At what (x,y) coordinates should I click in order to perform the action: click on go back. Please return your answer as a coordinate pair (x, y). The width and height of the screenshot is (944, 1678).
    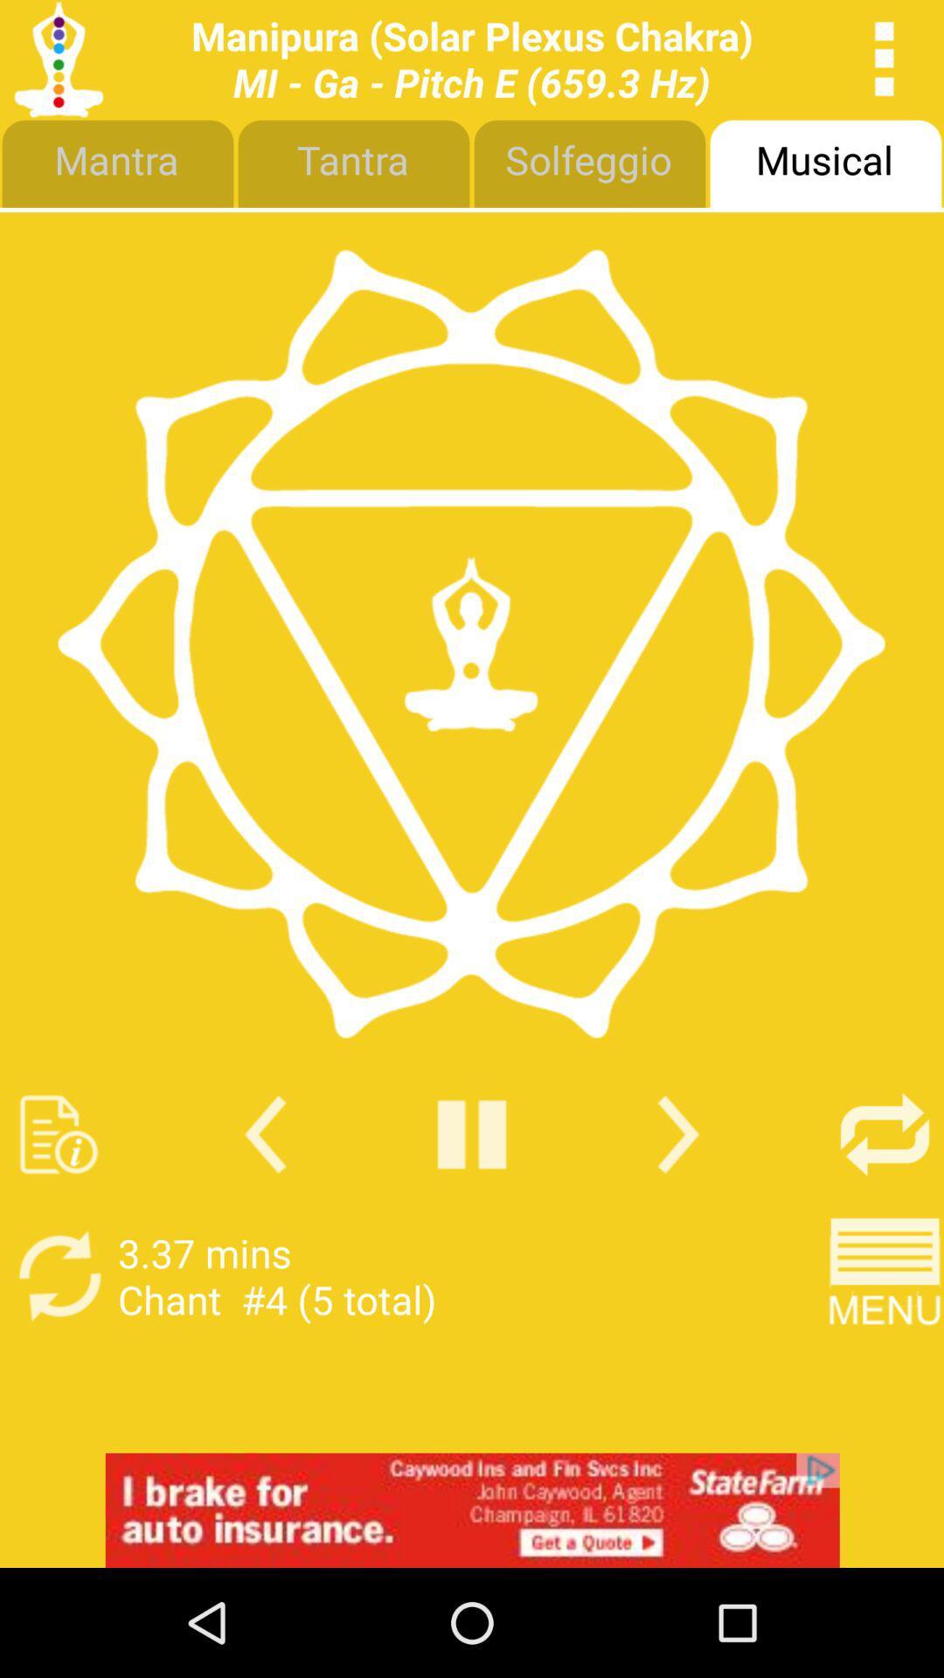
    Looking at the image, I should click on (265, 1134).